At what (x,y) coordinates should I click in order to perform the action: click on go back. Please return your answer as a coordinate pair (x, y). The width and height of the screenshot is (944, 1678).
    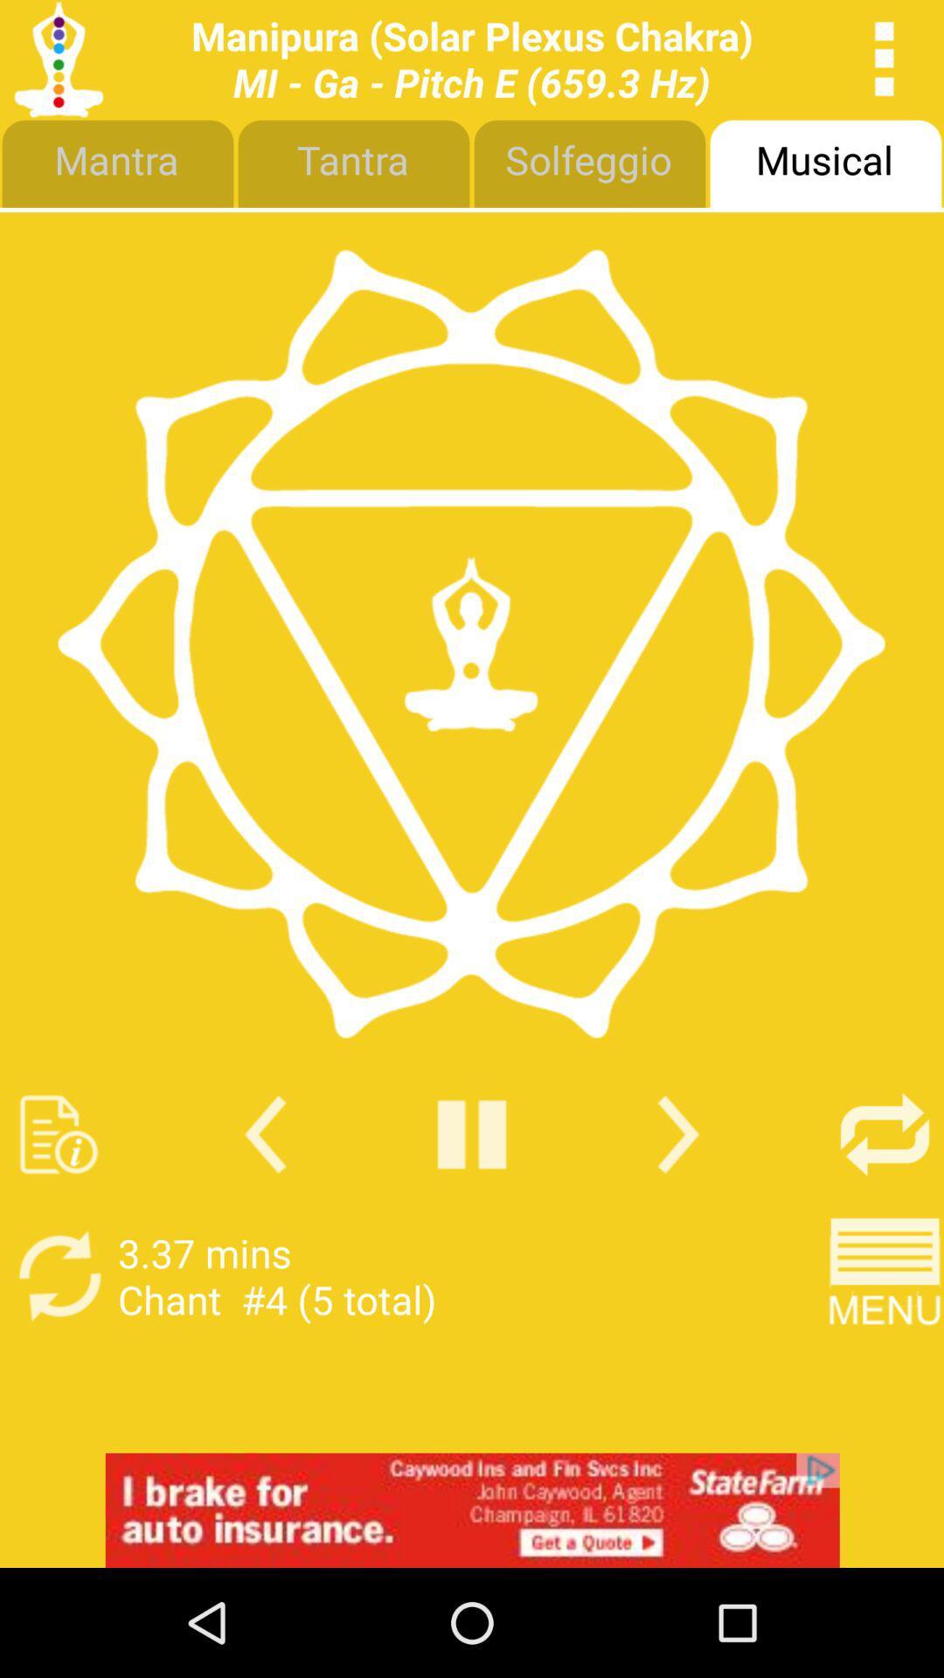
    Looking at the image, I should click on (265, 1134).